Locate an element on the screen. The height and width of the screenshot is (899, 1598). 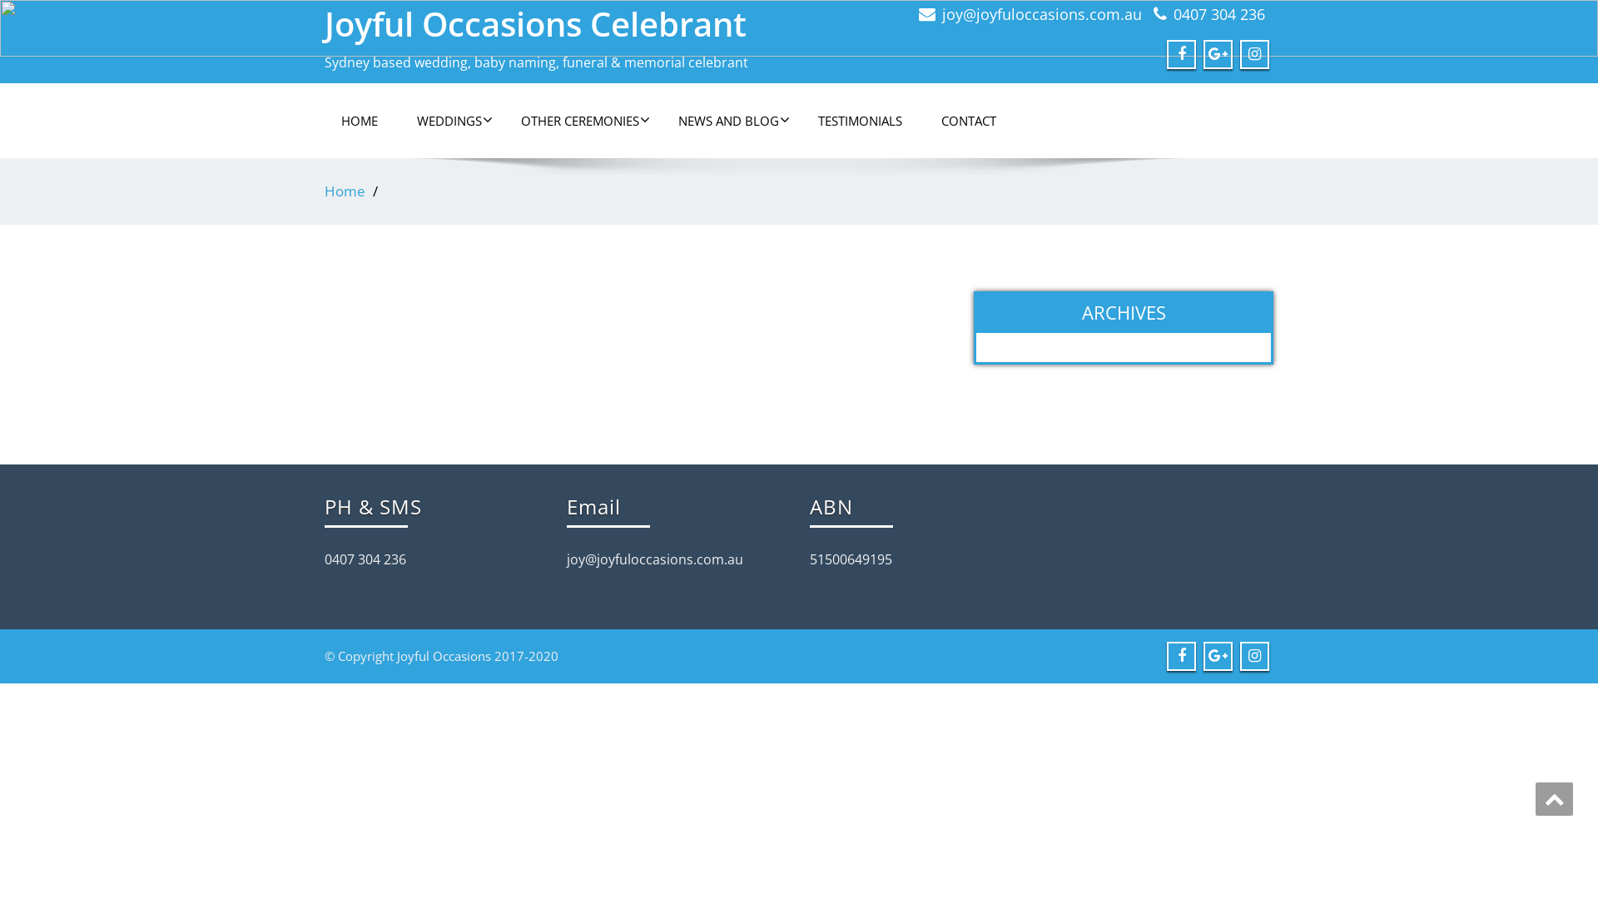
'Joyful Occasions Celebrant' is located at coordinates (535, 23).